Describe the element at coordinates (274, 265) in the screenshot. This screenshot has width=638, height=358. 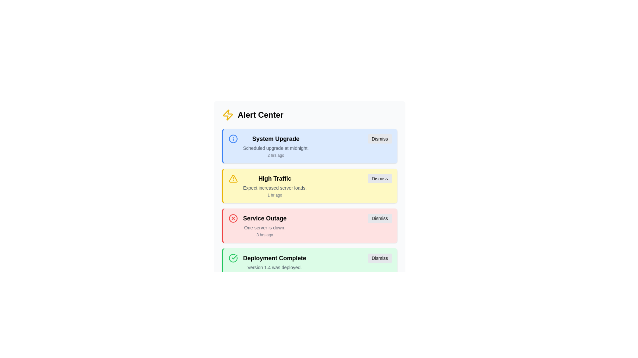
I see `the 'Deployment Complete' text in the green notification box to read it` at that location.